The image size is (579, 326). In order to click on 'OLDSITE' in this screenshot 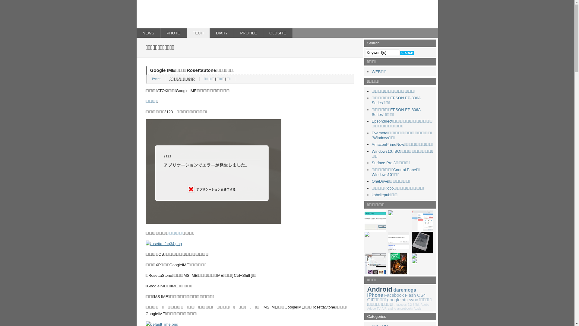, I will do `click(277, 33)`.